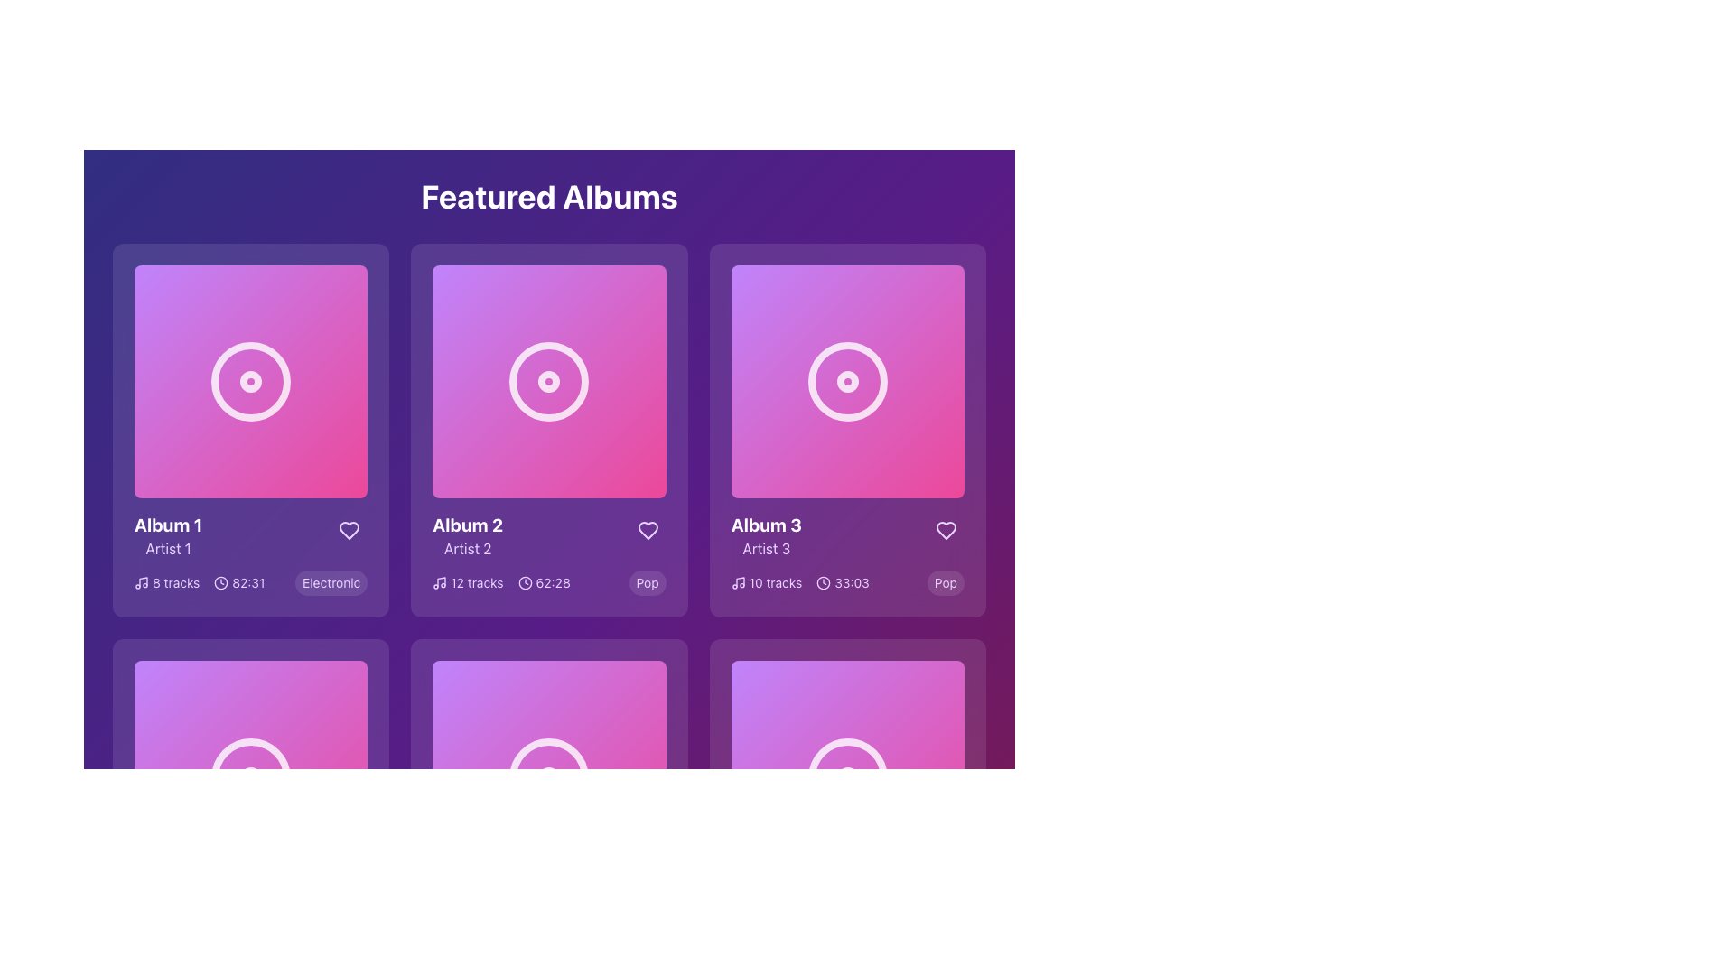 Image resolution: width=1734 pixels, height=975 pixels. What do you see at coordinates (250, 583) in the screenshot?
I see `the Information display row located at the bottom of the album card for 'Album 1' by 'Artist 1', which provides metadata including the number of tracks, total runtime, and genre` at bounding box center [250, 583].